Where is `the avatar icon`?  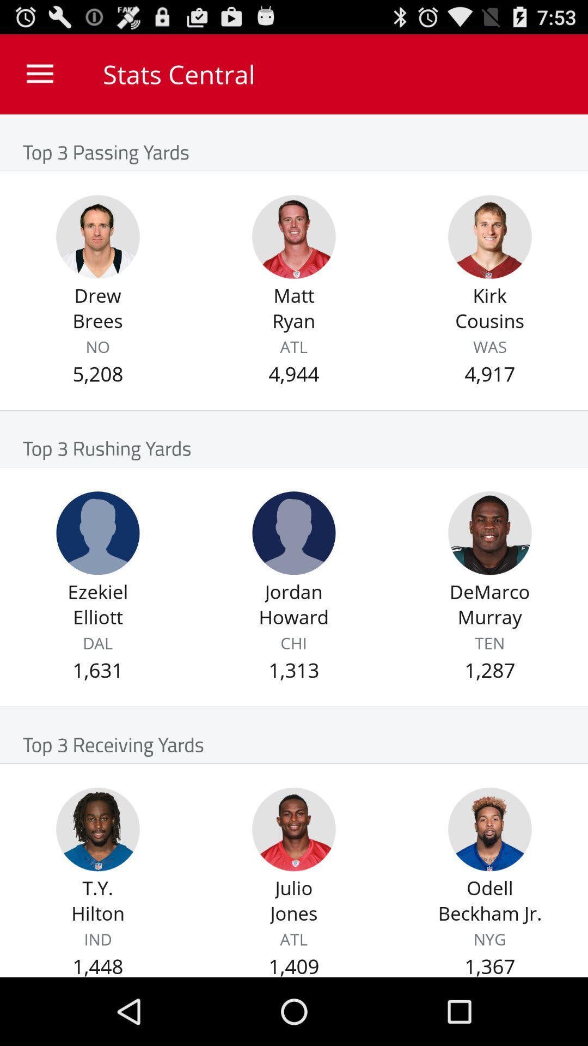
the avatar icon is located at coordinates (294, 887).